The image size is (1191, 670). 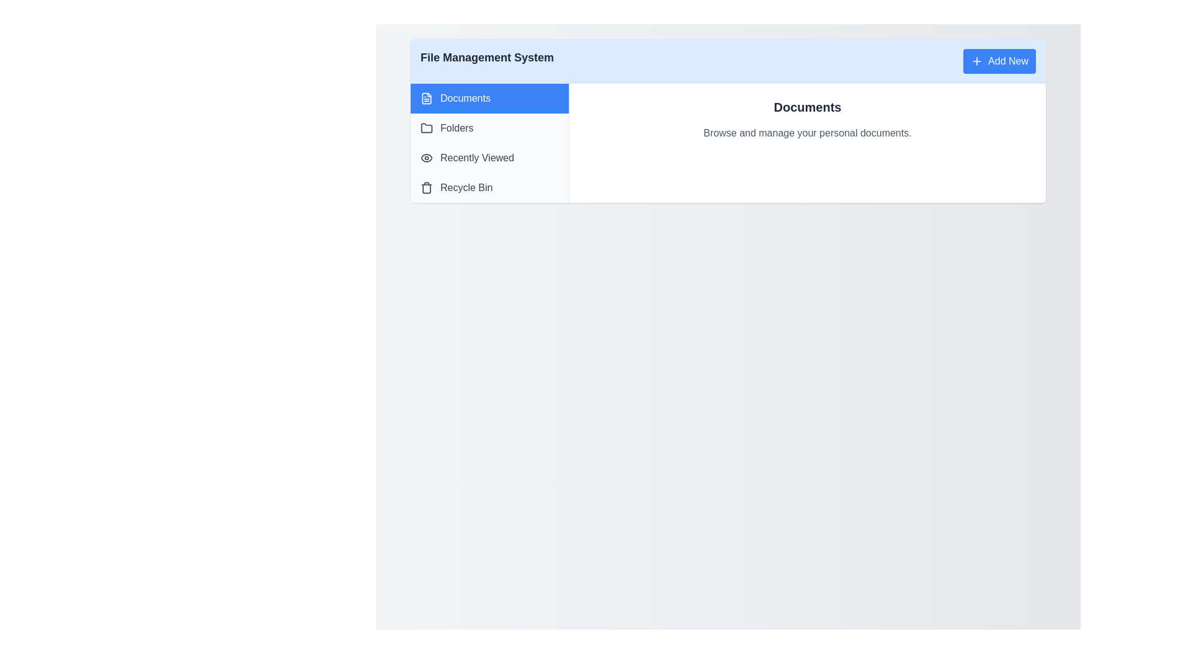 What do you see at coordinates (489, 157) in the screenshot?
I see `the third item in the vertical sidebar menu of the File Management System, located below 'Folders' and above 'Recycle Bin'` at bounding box center [489, 157].